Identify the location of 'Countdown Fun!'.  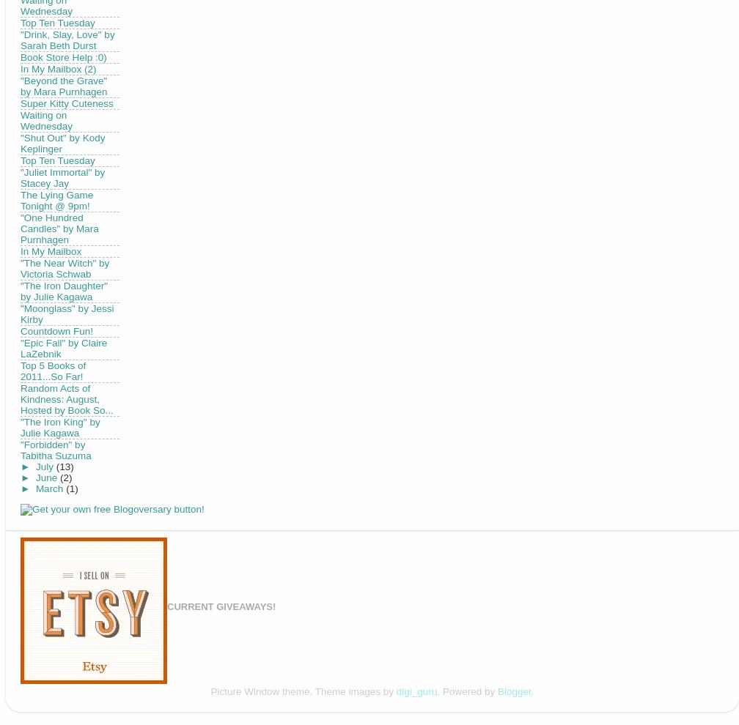
(56, 330).